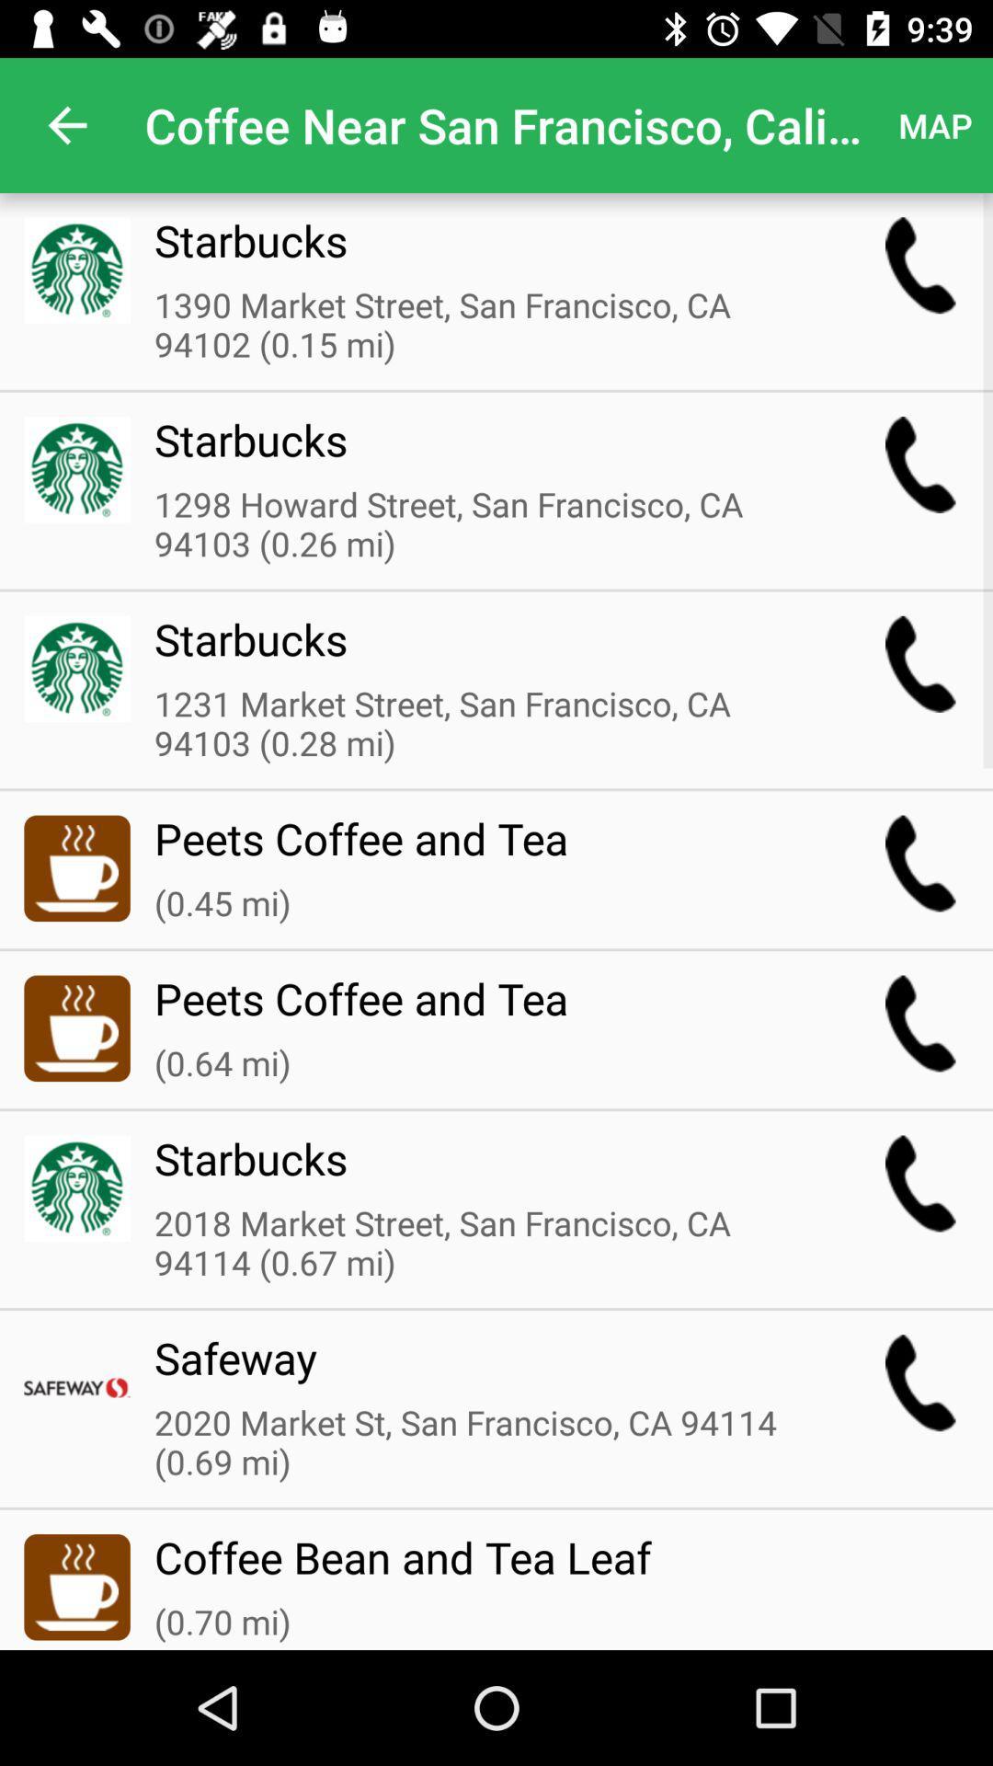 The width and height of the screenshot is (993, 1766). I want to click on the map item, so click(935, 124).